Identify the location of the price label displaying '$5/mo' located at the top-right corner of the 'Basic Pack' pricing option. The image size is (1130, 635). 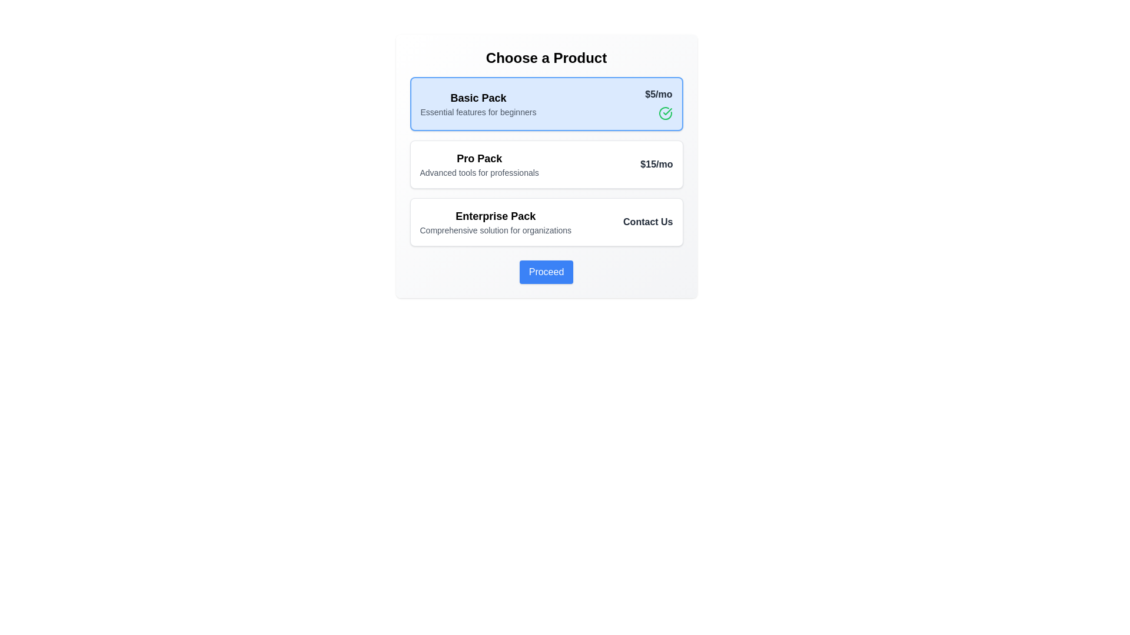
(658, 103).